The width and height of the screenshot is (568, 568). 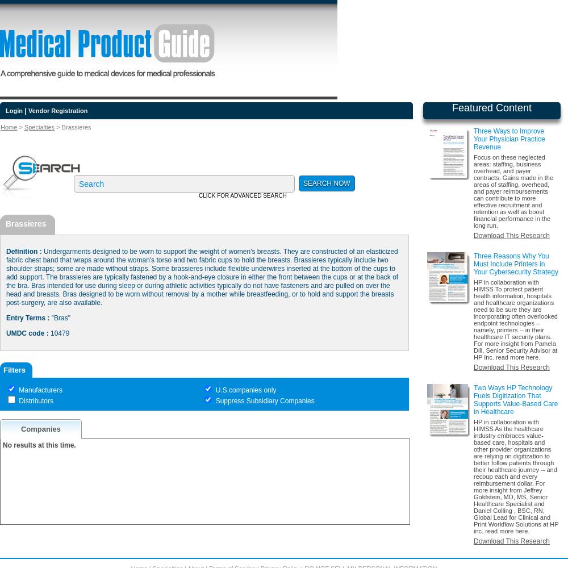 I want to click on 'Vendor Registration', so click(x=57, y=110).